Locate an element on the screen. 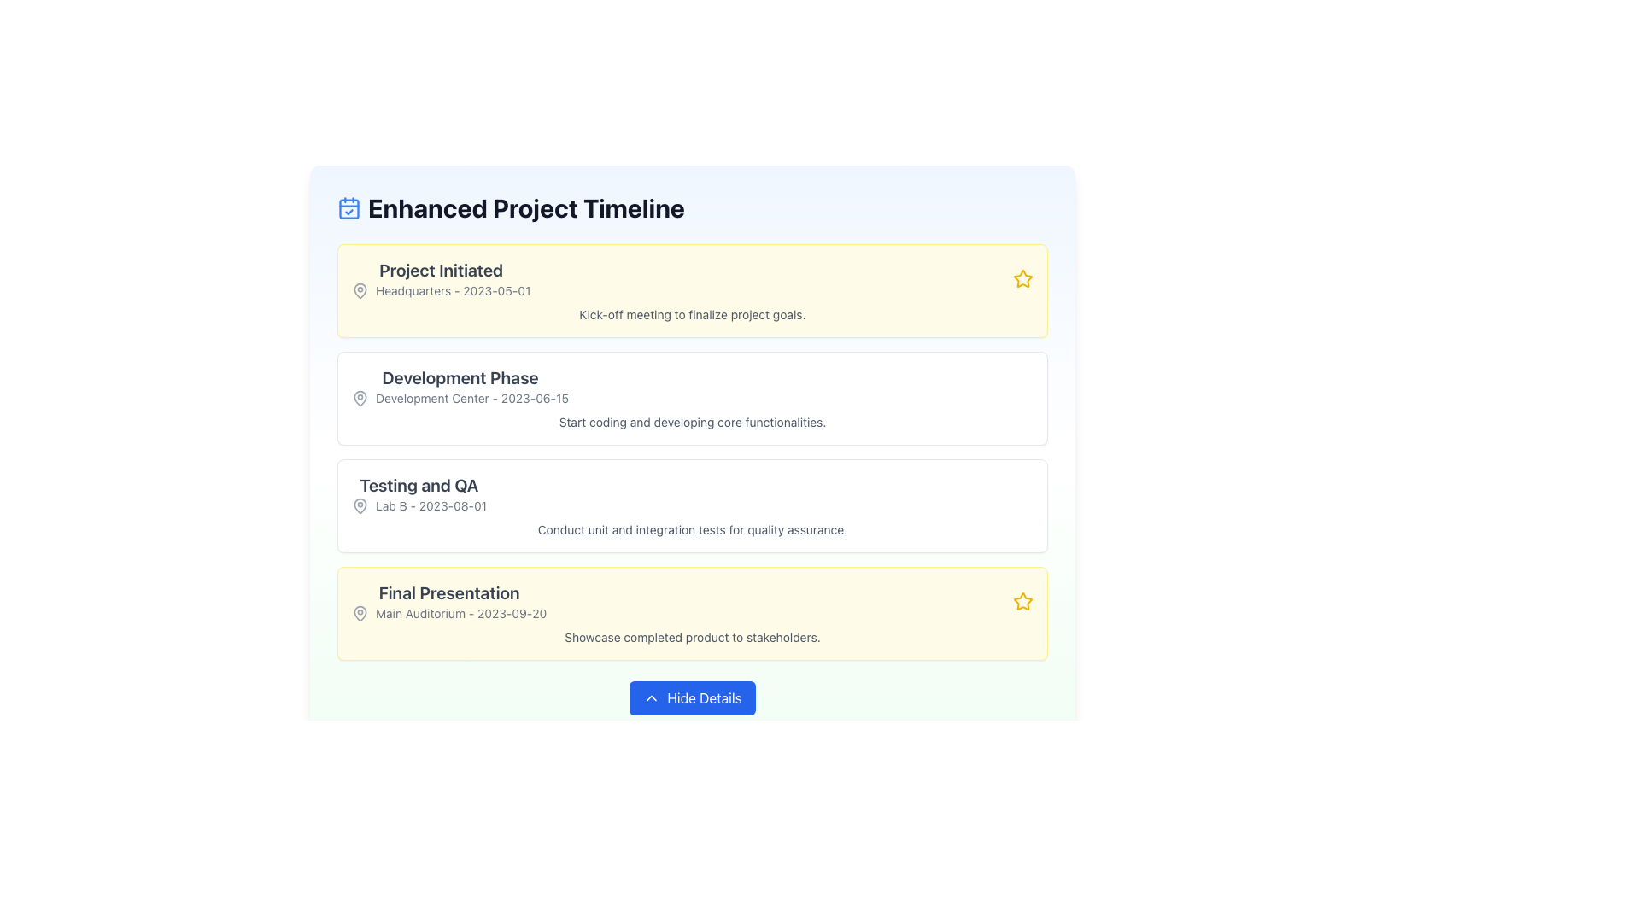 The image size is (1640, 922). the text label that provides a description related to the 'Testing and QA' timeline entry, located below the title 'Testing and QA' and the subtitle 'Lab B - 2023-08-01' is located at coordinates (693, 529).